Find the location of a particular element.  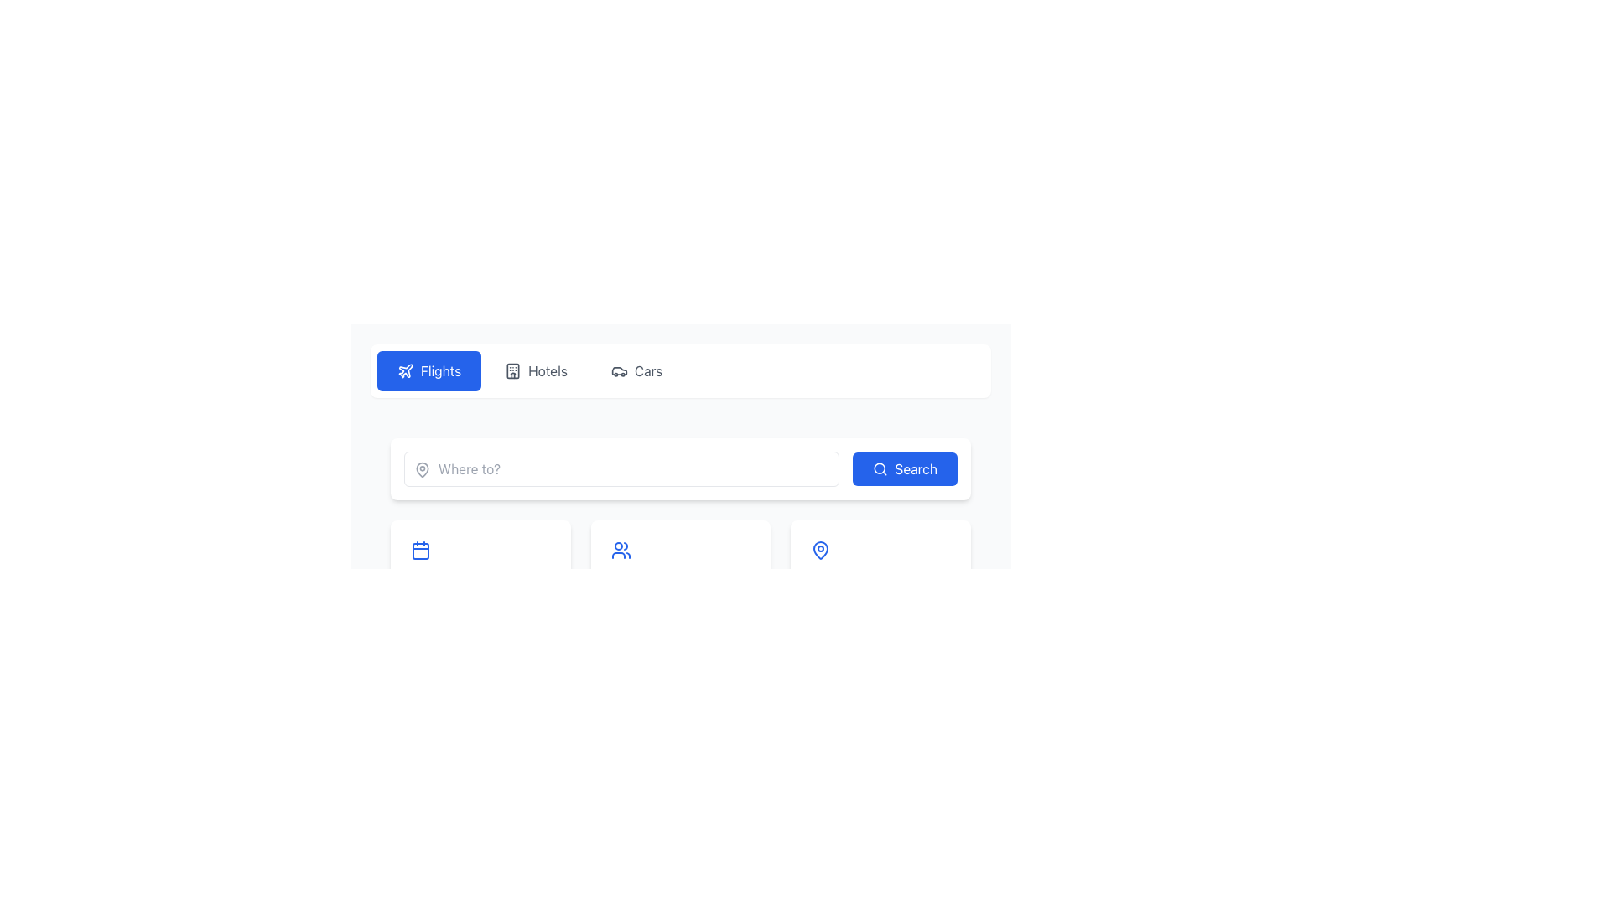

the 'Search' button located at the right end of the search criteria form for keyboard navigation is located at coordinates (904, 468).